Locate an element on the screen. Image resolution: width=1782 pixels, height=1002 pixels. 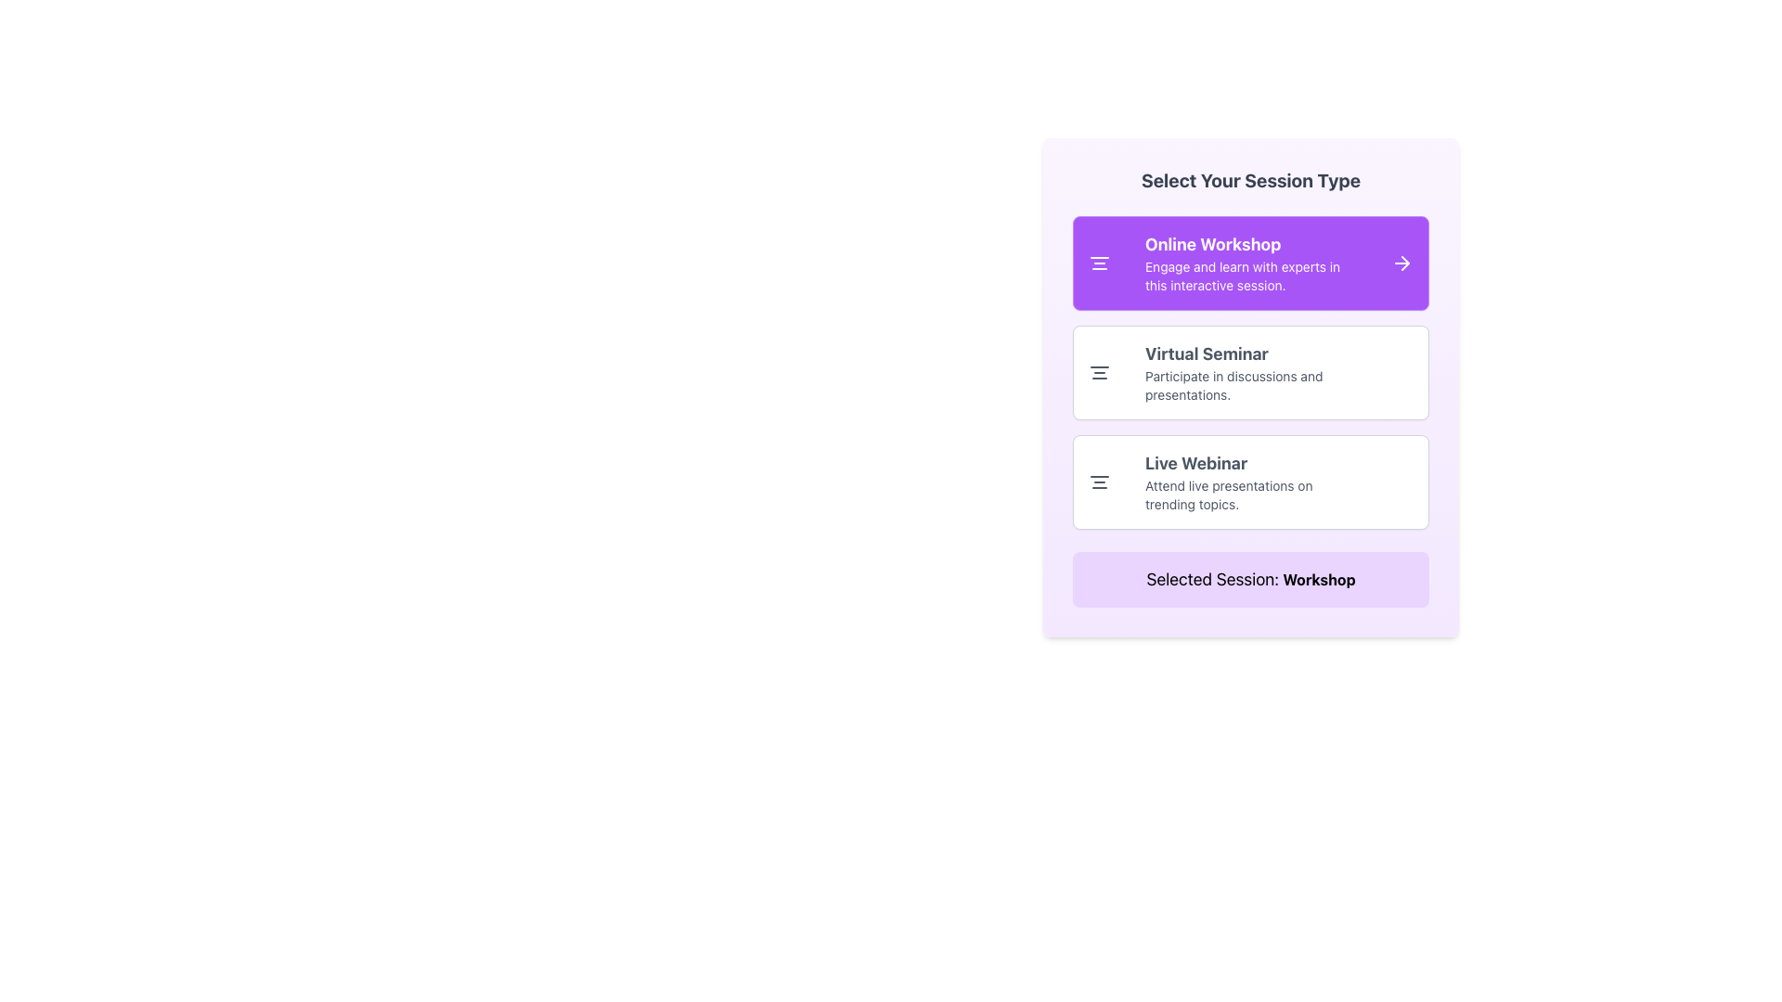
the text label that reads 'Engage and learn with experts in this interactive session.' which is styled in white on a purple background and positioned below the title 'Online Workshop.' is located at coordinates (1251, 276).